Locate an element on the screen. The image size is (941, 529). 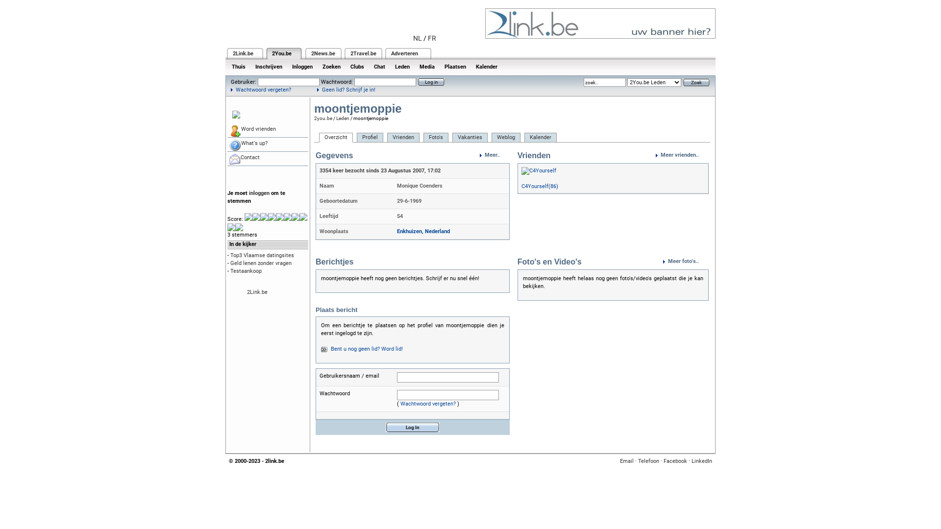
'2you.be' is located at coordinates (323, 118).